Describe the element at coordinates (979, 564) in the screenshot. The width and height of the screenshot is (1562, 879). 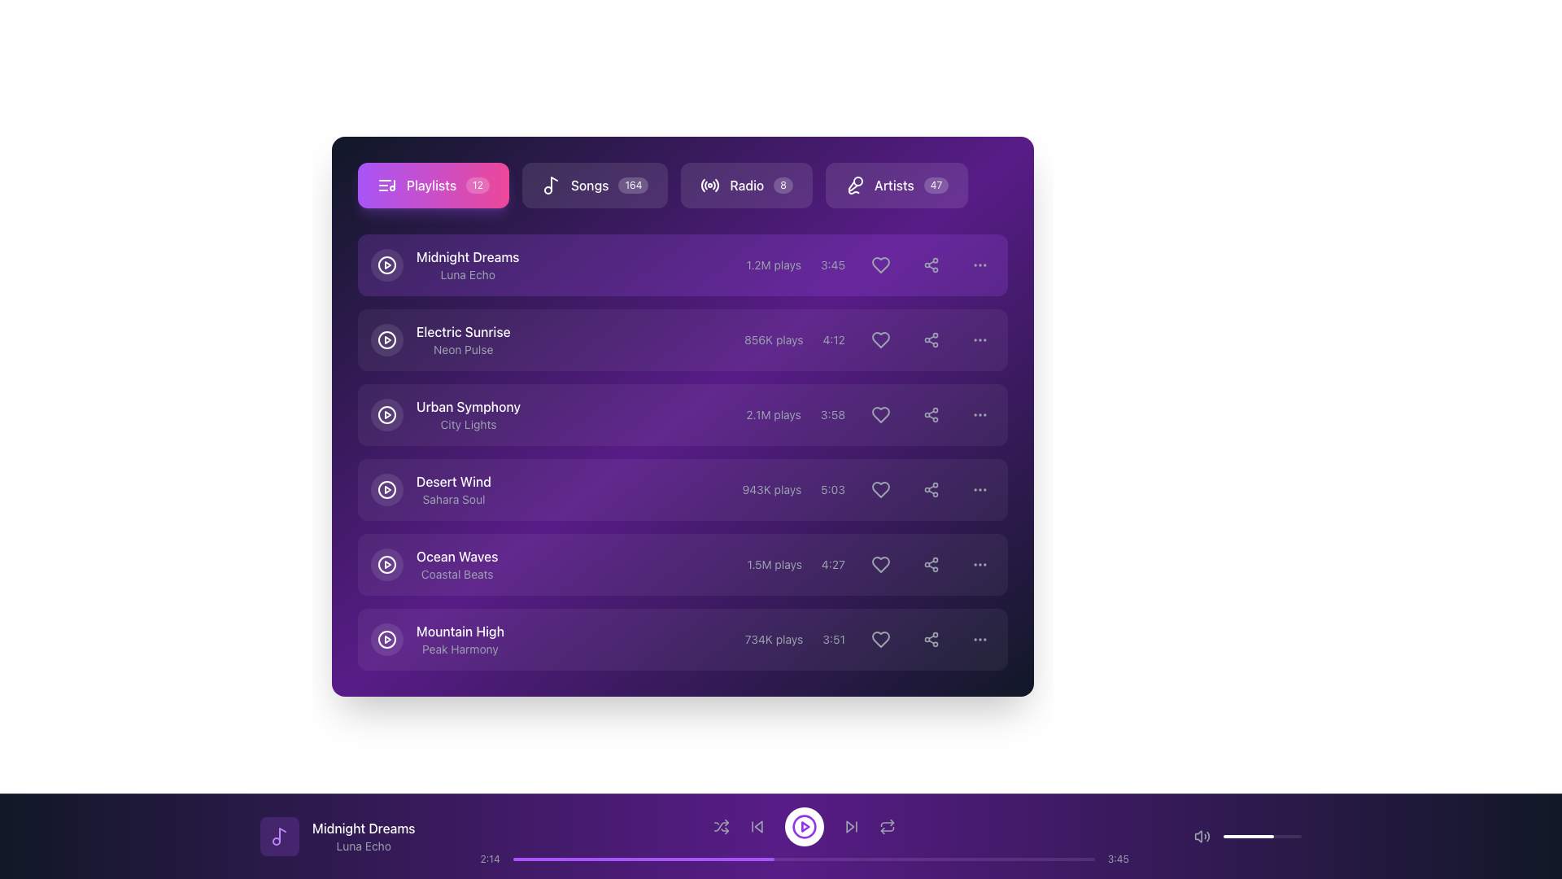
I see `the vertical ellipsis button located at the end of the 'Ocean Waves' track row in the playlist interface` at that location.